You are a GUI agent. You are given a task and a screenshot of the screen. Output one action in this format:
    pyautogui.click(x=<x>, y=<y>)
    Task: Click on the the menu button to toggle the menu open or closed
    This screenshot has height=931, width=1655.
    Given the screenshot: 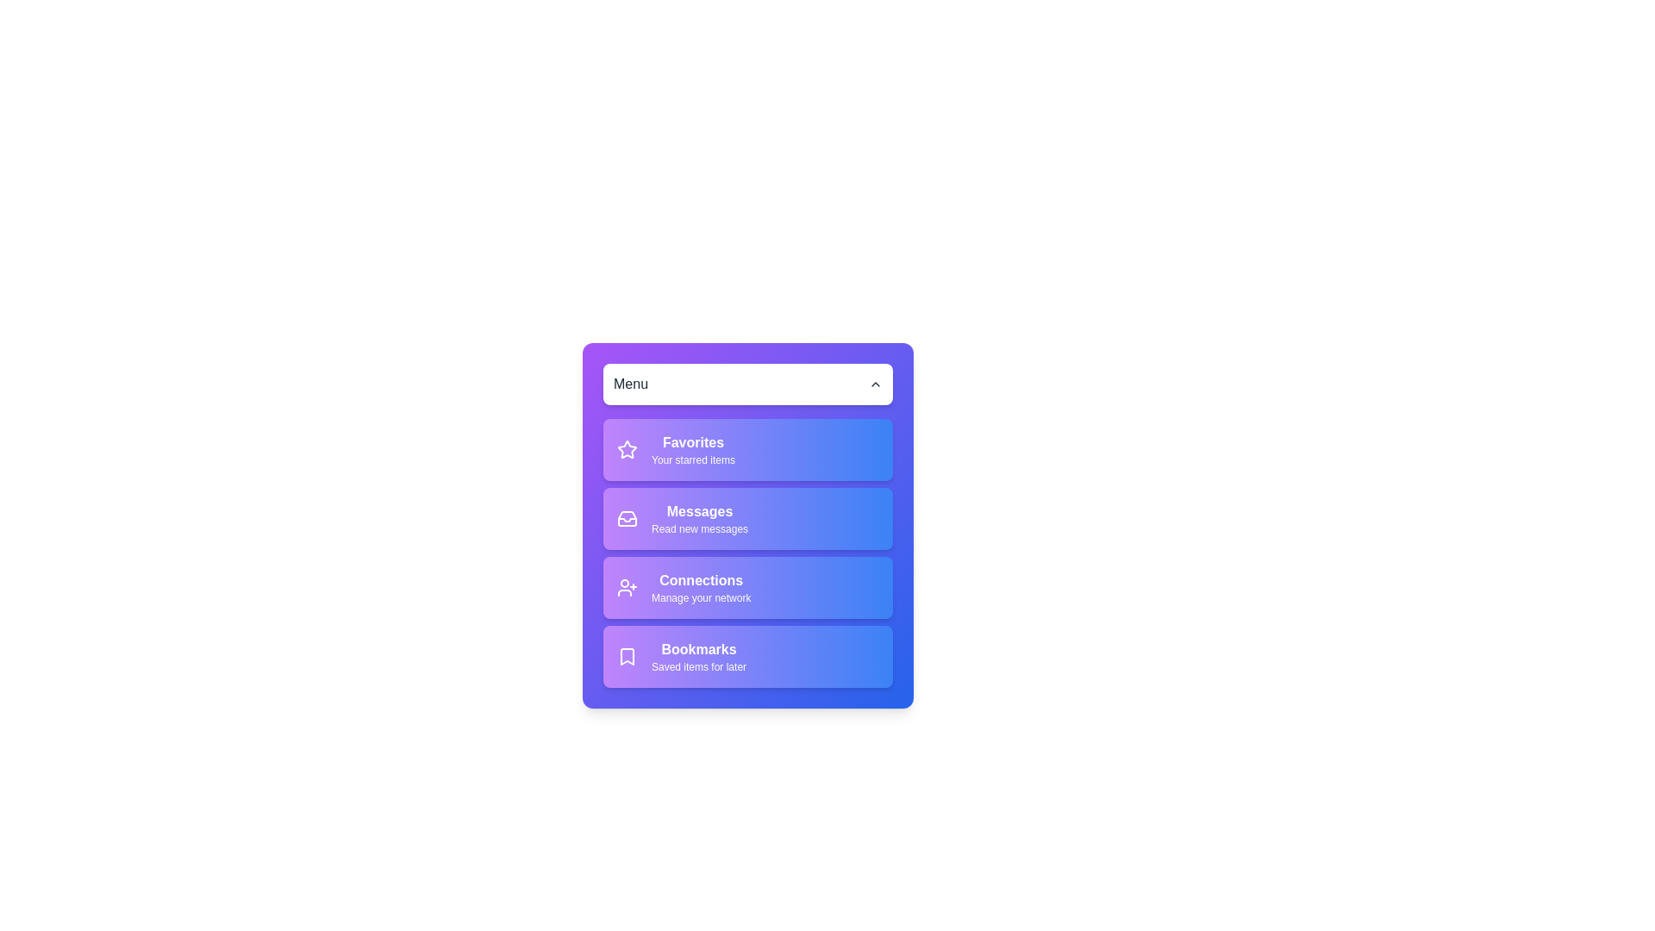 What is the action you would take?
    pyautogui.click(x=748, y=384)
    